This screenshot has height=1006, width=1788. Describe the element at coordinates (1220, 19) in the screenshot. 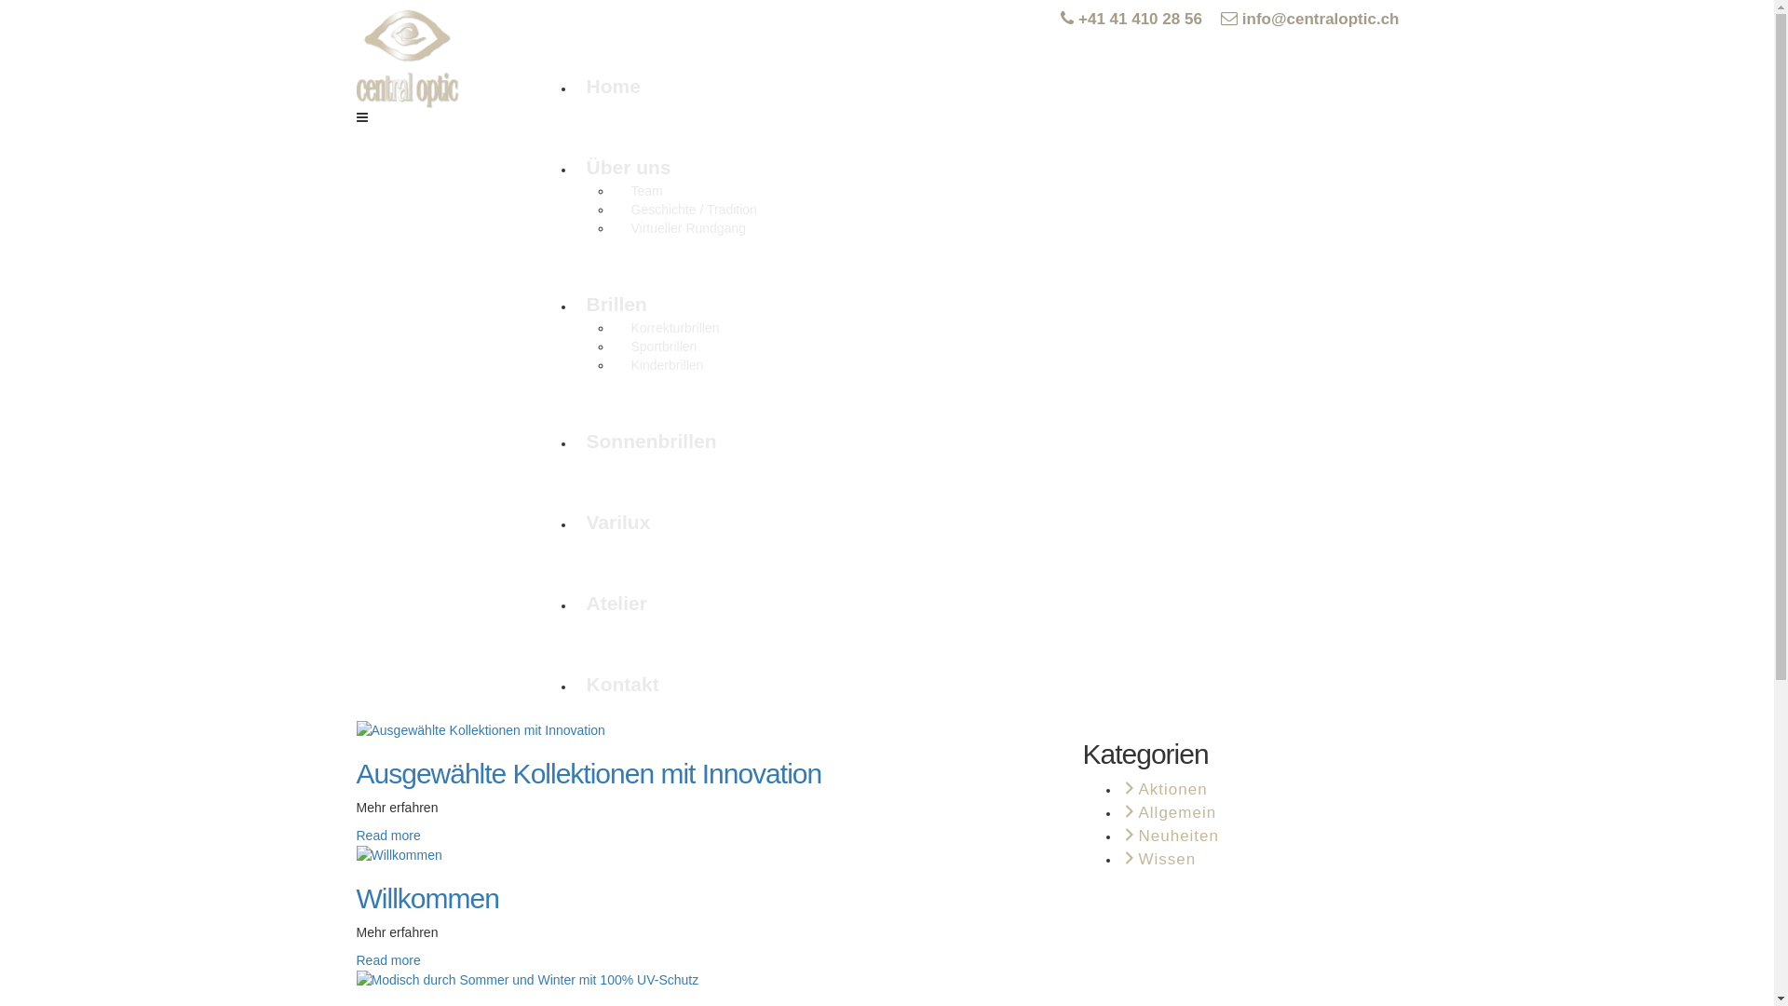

I see `'info@centraloptic.ch'` at that location.